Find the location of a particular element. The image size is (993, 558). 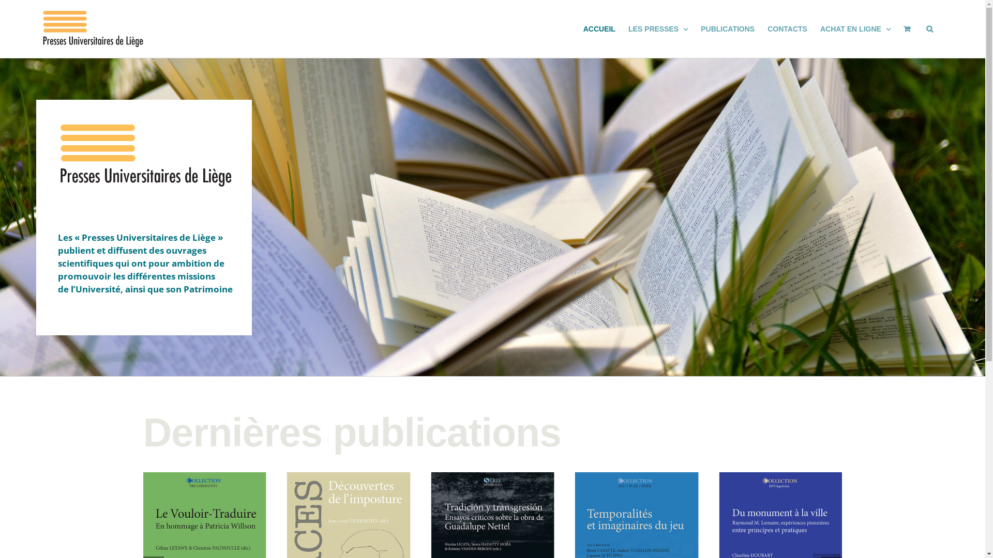

'ACHAT EN LIGNE' is located at coordinates (855, 28).